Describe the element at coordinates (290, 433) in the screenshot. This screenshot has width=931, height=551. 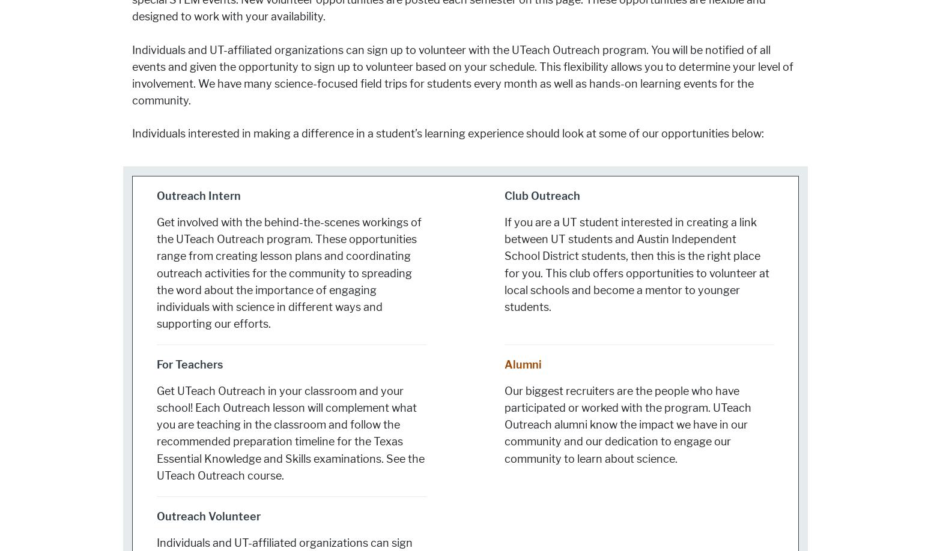
I see `'Get UTeach Outreach in your classroom and your school! Each Outreach lesson will complement what you are teaching in the classroom and follow the recommended preparation timeline for the Texas Essential Knowledge and Skills examinations. See the UTeach Outreach course.'` at that location.